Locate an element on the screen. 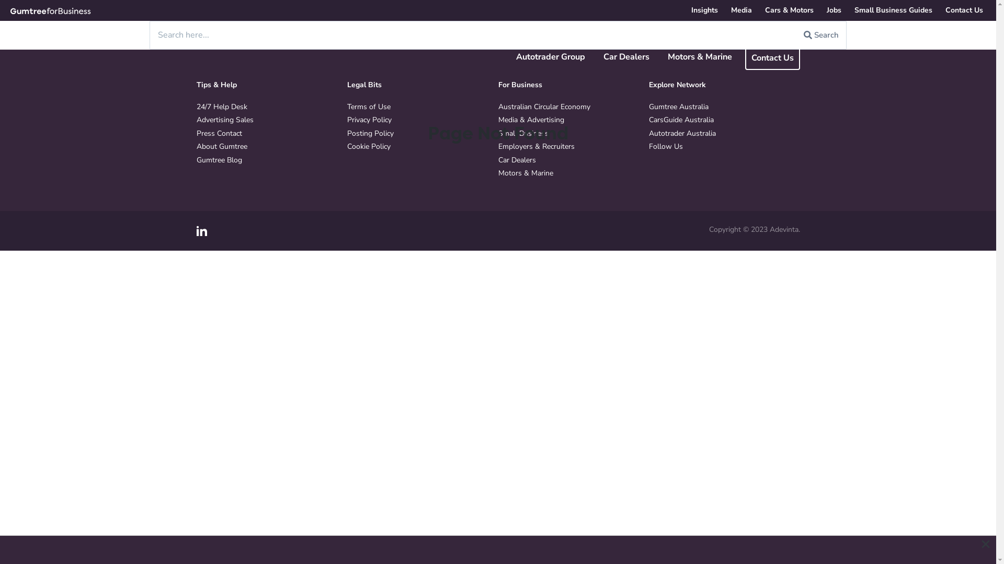  '24/7 Help Desk' is located at coordinates (221, 107).